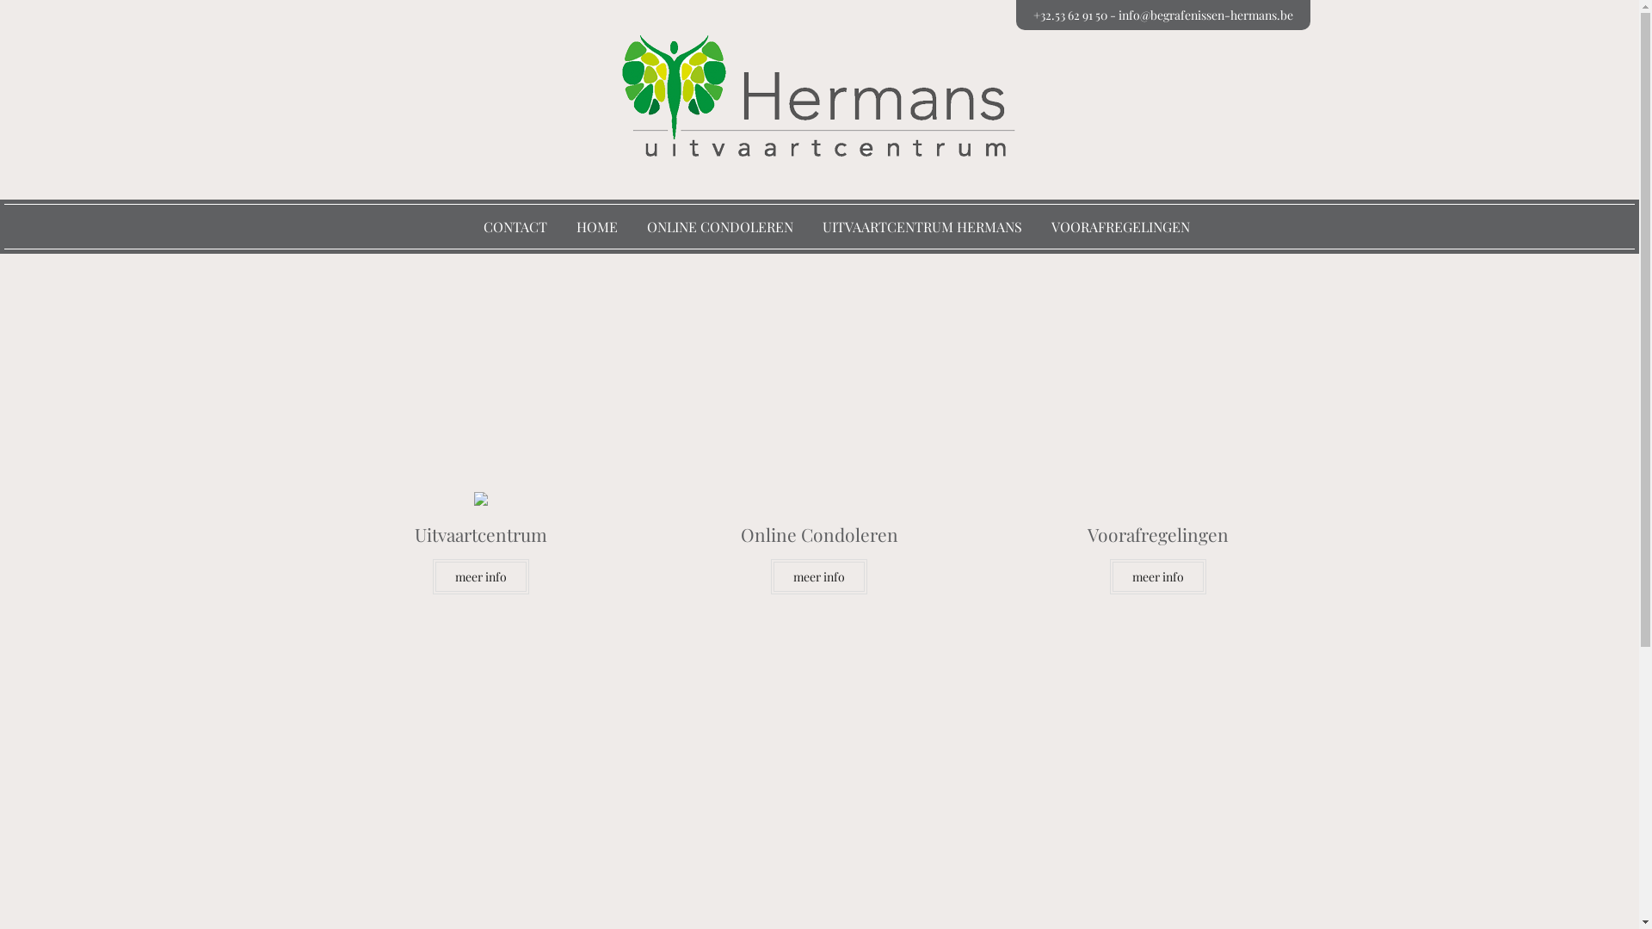 This screenshot has height=929, width=1652. I want to click on 'meer info', so click(1157, 576).